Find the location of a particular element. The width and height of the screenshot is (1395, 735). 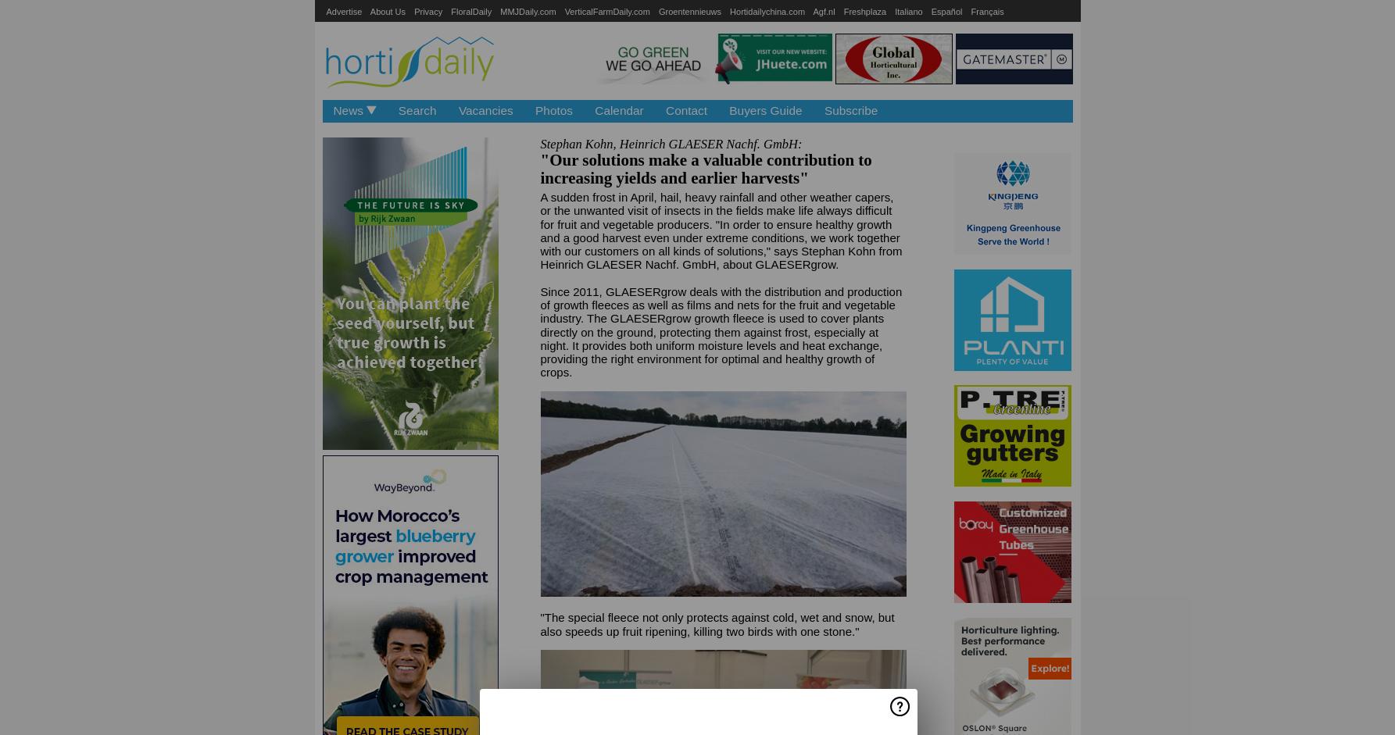

'About Us' is located at coordinates (387, 11).